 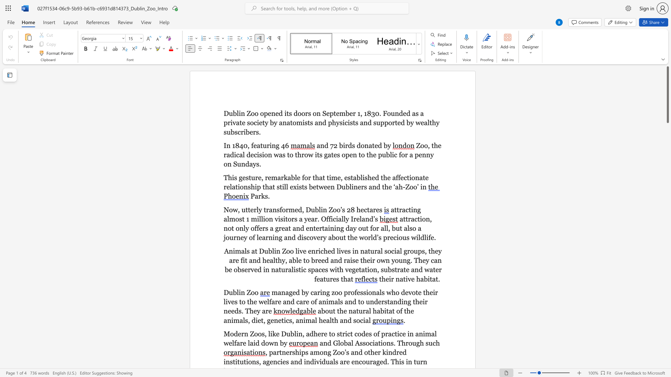 I want to click on the 8th character "e" in the text, so click(x=300, y=260).